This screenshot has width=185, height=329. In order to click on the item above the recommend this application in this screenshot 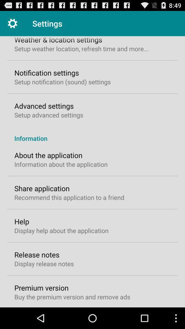, I will do `click(42, 188)`.